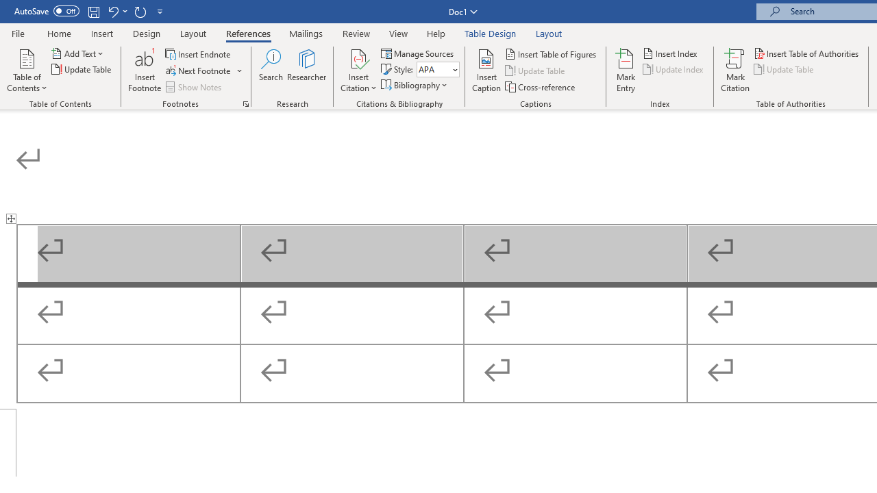  I want to click on 'Researcher', so click(306, 71).